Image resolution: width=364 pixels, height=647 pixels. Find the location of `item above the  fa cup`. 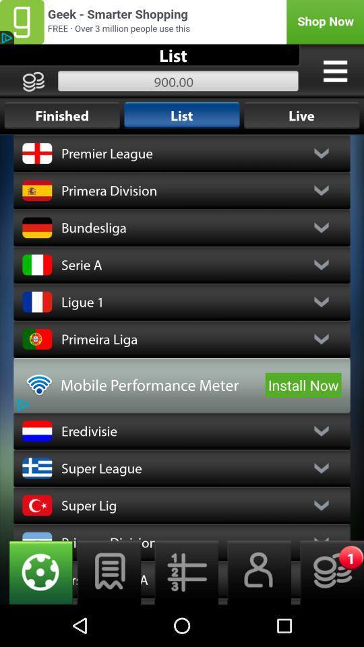

item above the  fa cup is located at coordinates (36, 572).